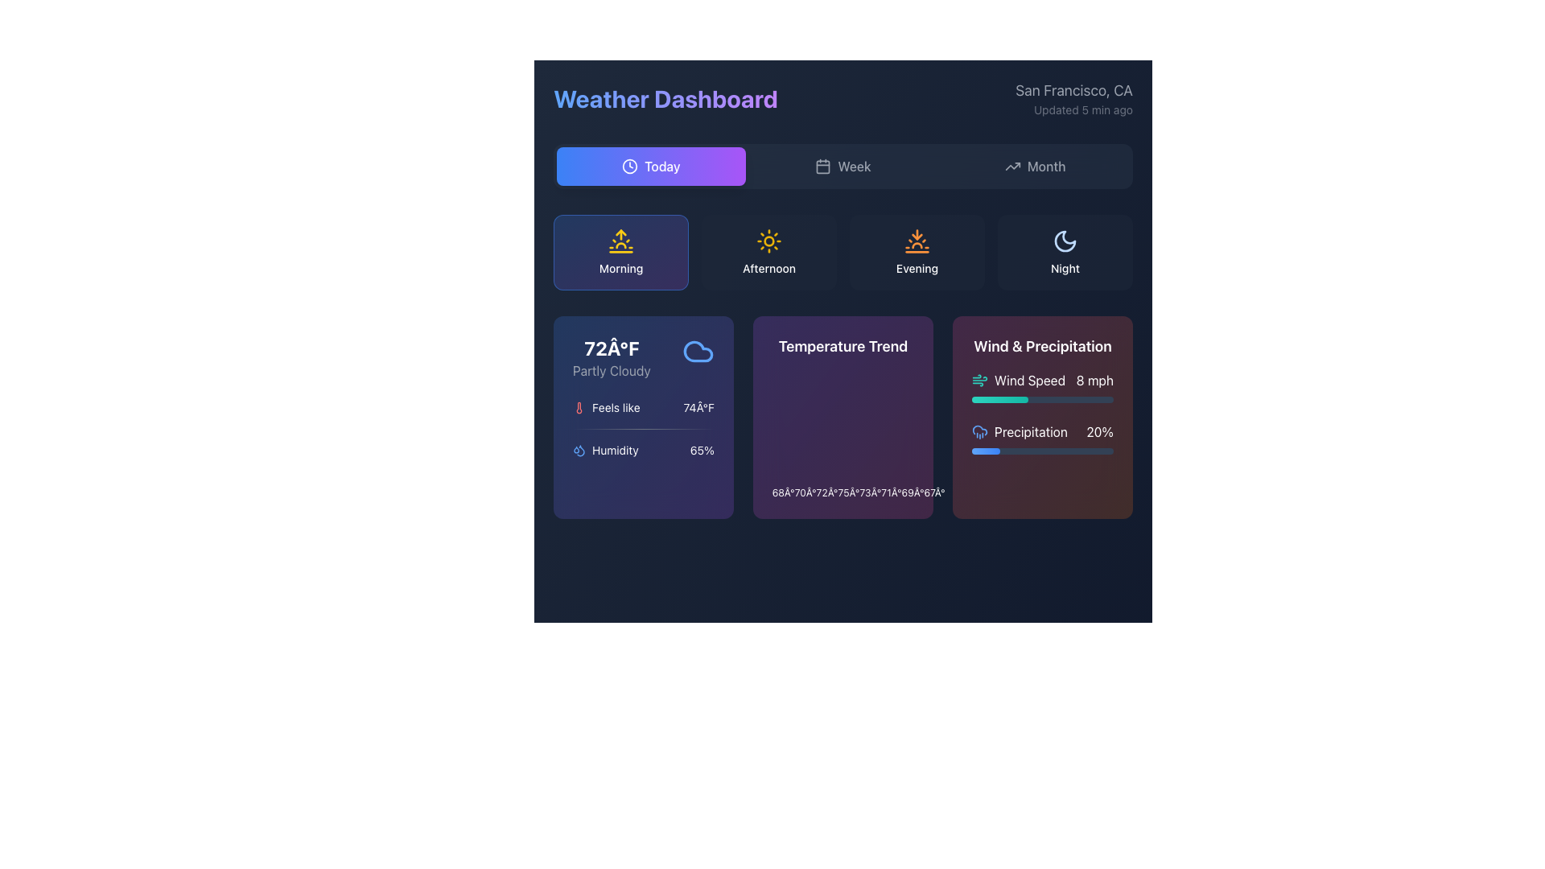 This screenshot has height=869, width=1545. What do you see at coordinates (805, 489) in the screenshot?
I see `the temperature value text label displaying '70°' within the 'Temperature Trend' card` at bounding box center [805, 489].